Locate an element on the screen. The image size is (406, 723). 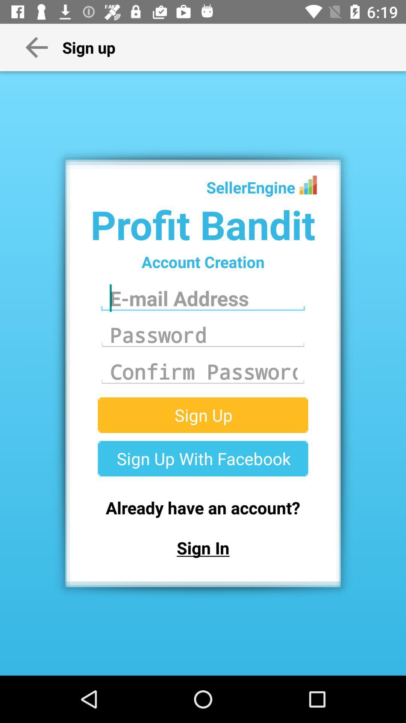
password entry is located at coordinates (203, 334).